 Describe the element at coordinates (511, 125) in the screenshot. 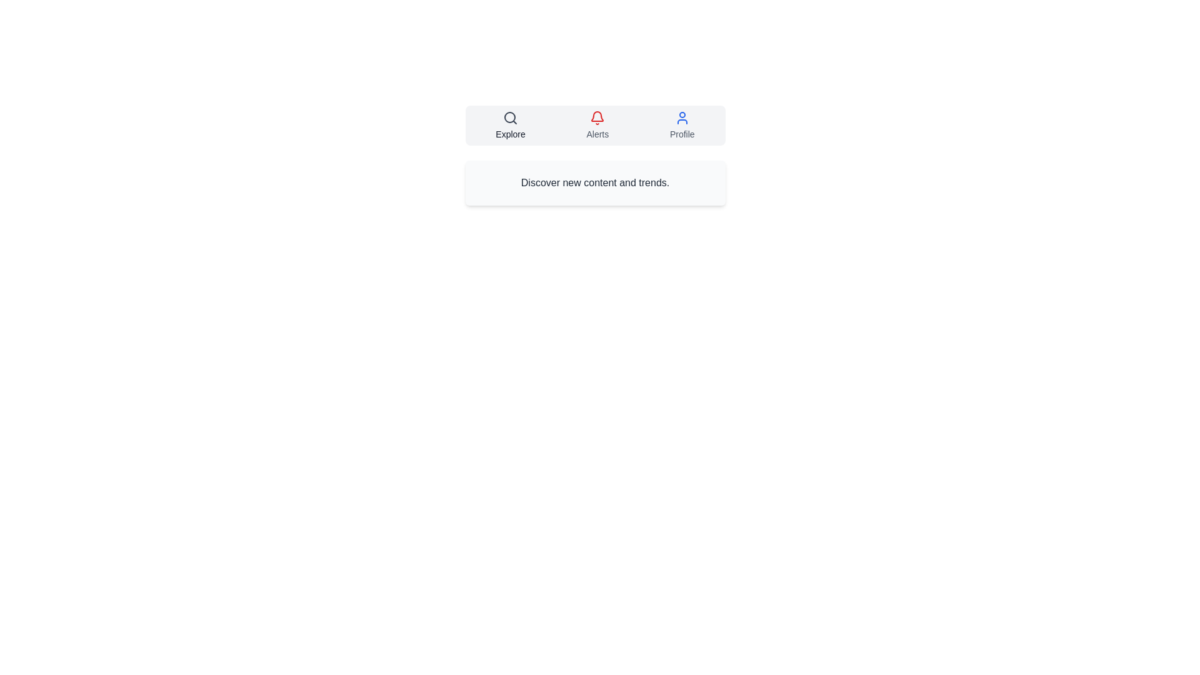

I see `the tab with label Explore` at that location.